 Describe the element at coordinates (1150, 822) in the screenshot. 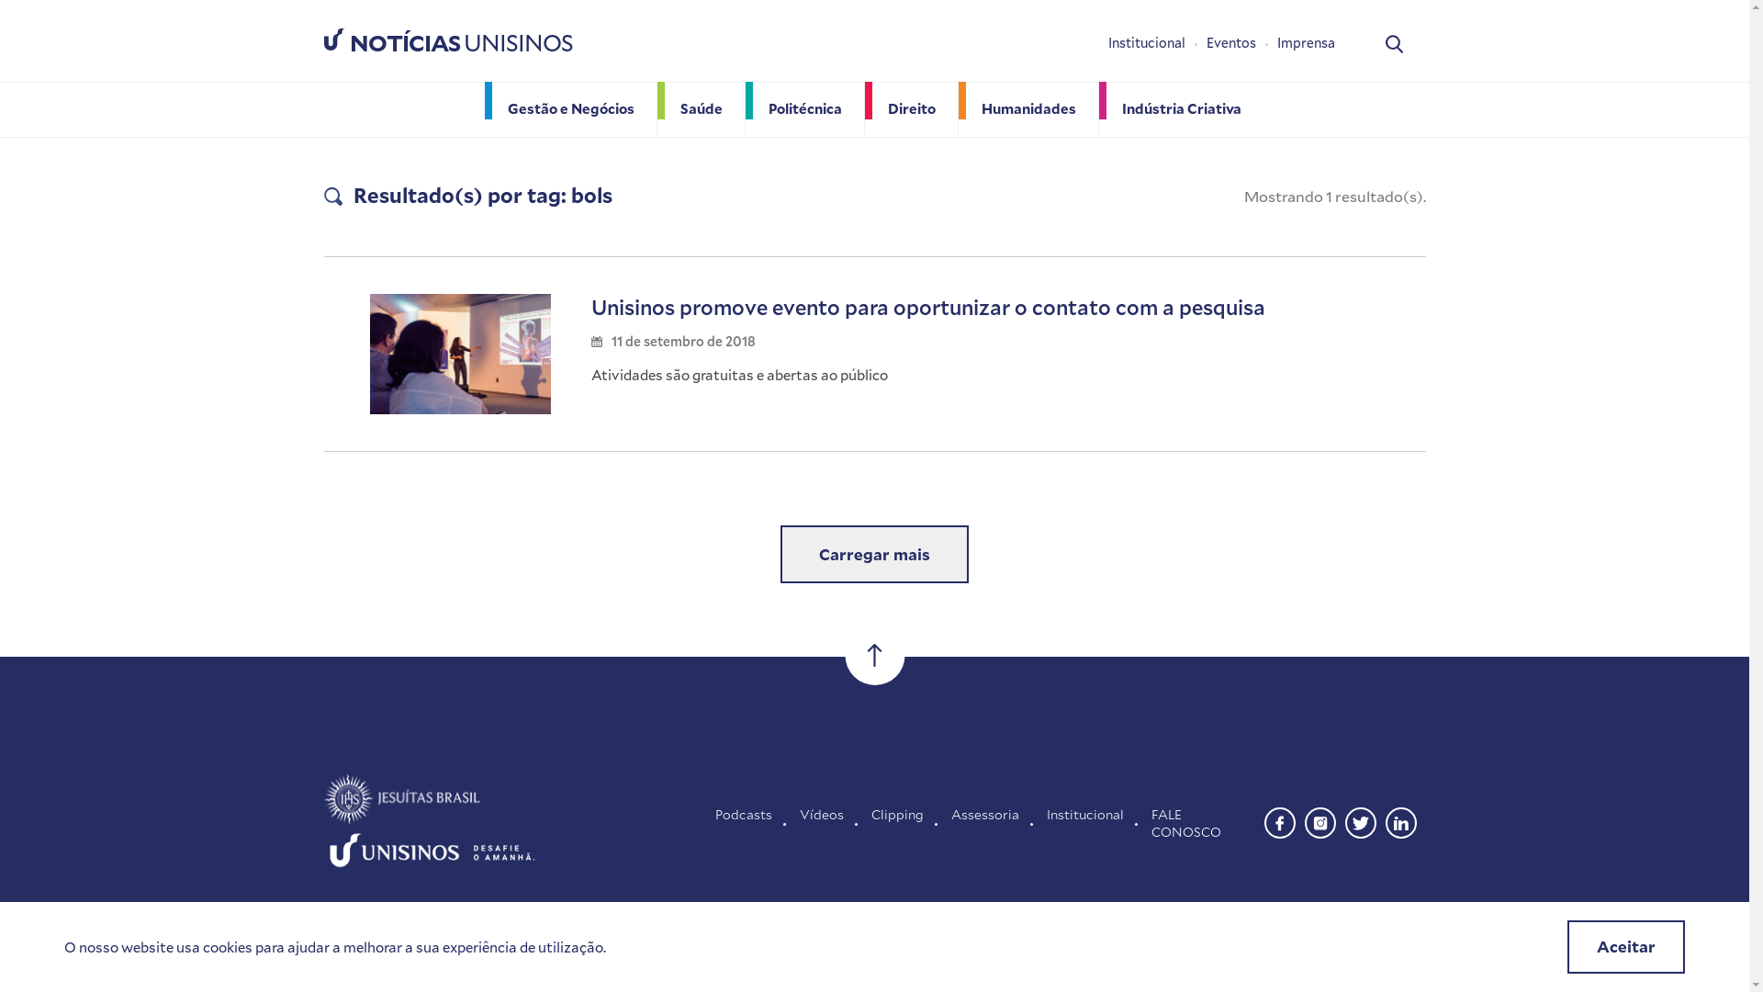

I see `'FALE CONOSCO'` at that location.